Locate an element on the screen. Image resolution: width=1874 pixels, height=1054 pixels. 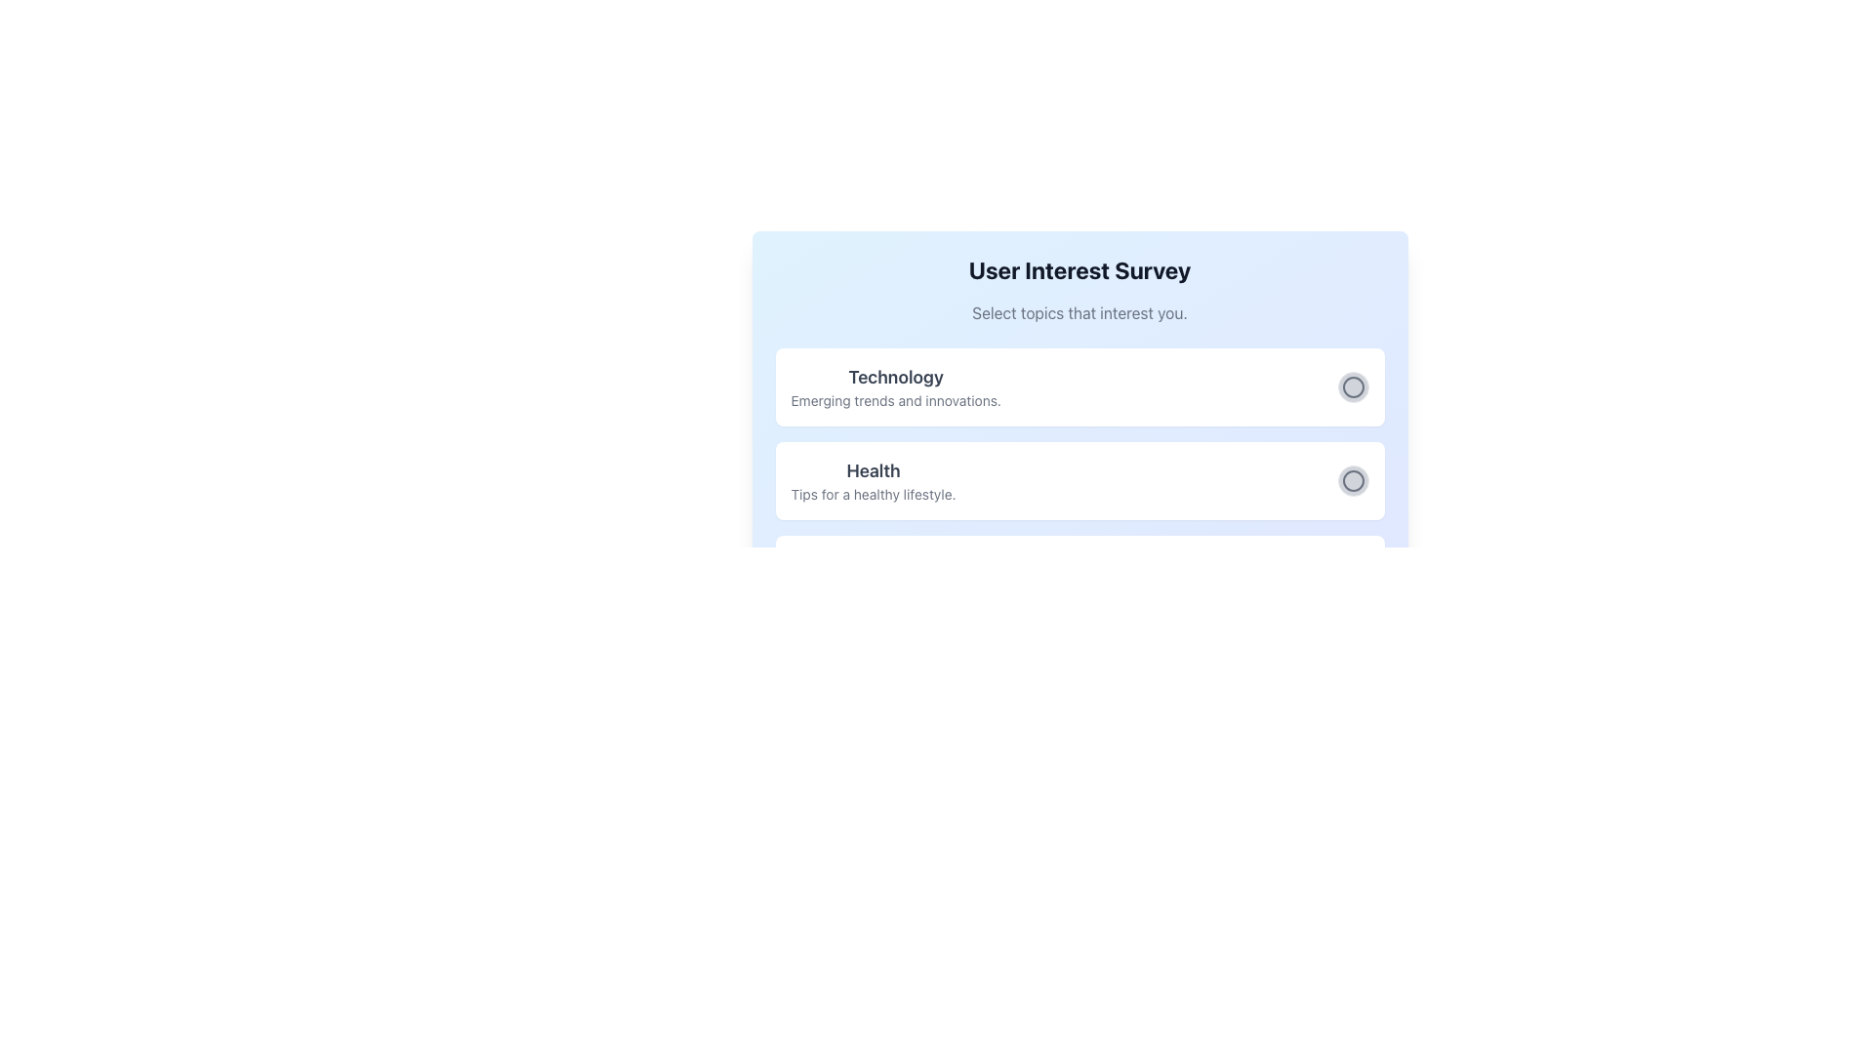
the Text Label providing a brief descriptive text about the topic of 'Technology' located under the heading 'Technology' in the 'User Interest Survey' section is located at coordinates (895, 400).